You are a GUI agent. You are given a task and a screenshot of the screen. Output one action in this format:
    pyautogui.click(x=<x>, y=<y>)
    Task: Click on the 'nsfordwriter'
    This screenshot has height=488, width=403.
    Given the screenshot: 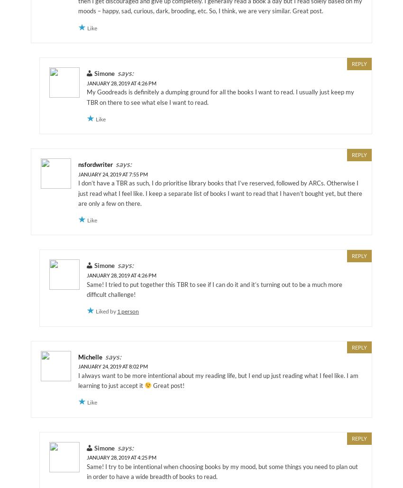 What is the action you would take?
    pyautogui.click(x=95, y=164)
    